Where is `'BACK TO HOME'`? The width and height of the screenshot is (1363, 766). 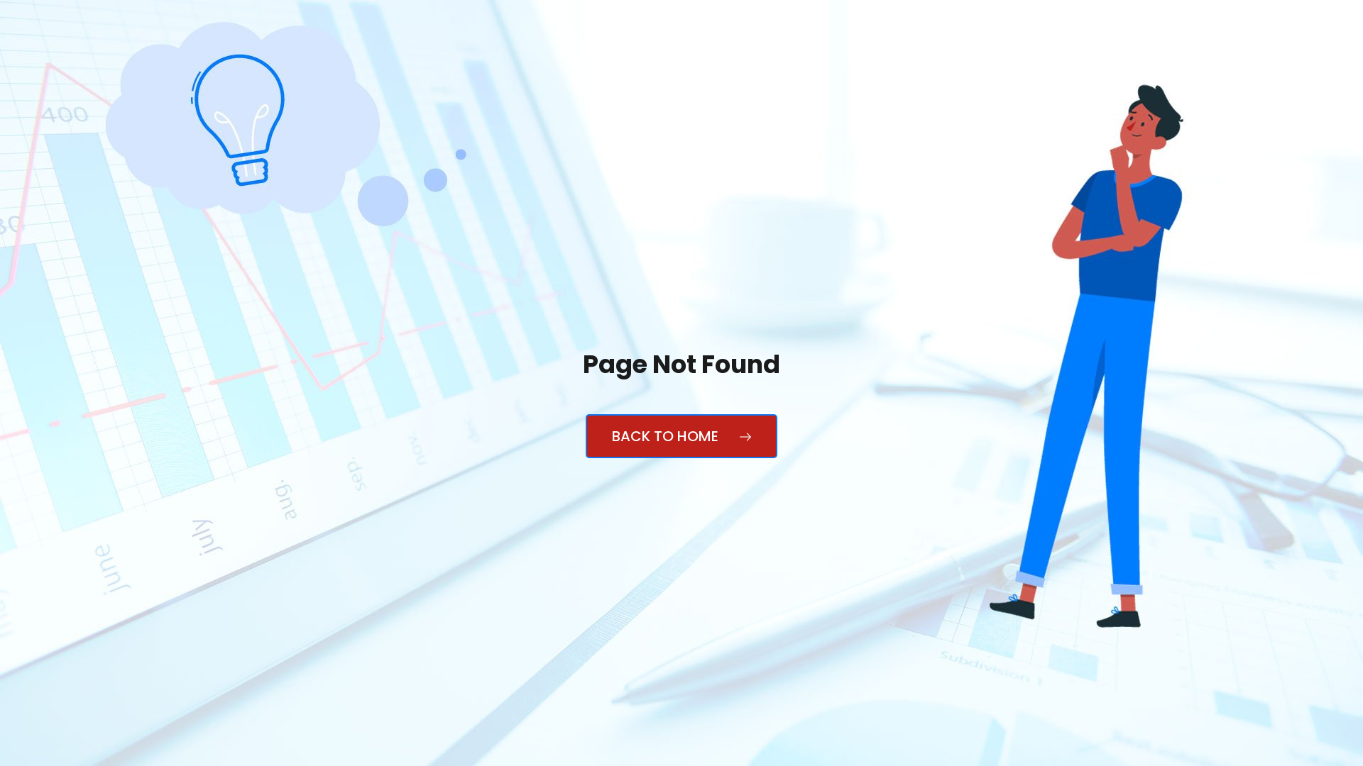
'BACK TO HOME' is located at coordinates (586, 435).